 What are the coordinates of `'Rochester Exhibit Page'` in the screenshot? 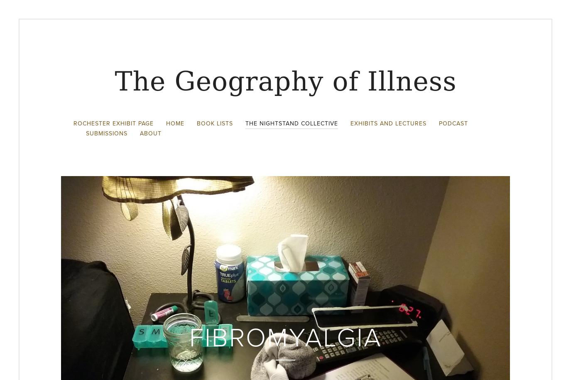 It's located at (113, 123).